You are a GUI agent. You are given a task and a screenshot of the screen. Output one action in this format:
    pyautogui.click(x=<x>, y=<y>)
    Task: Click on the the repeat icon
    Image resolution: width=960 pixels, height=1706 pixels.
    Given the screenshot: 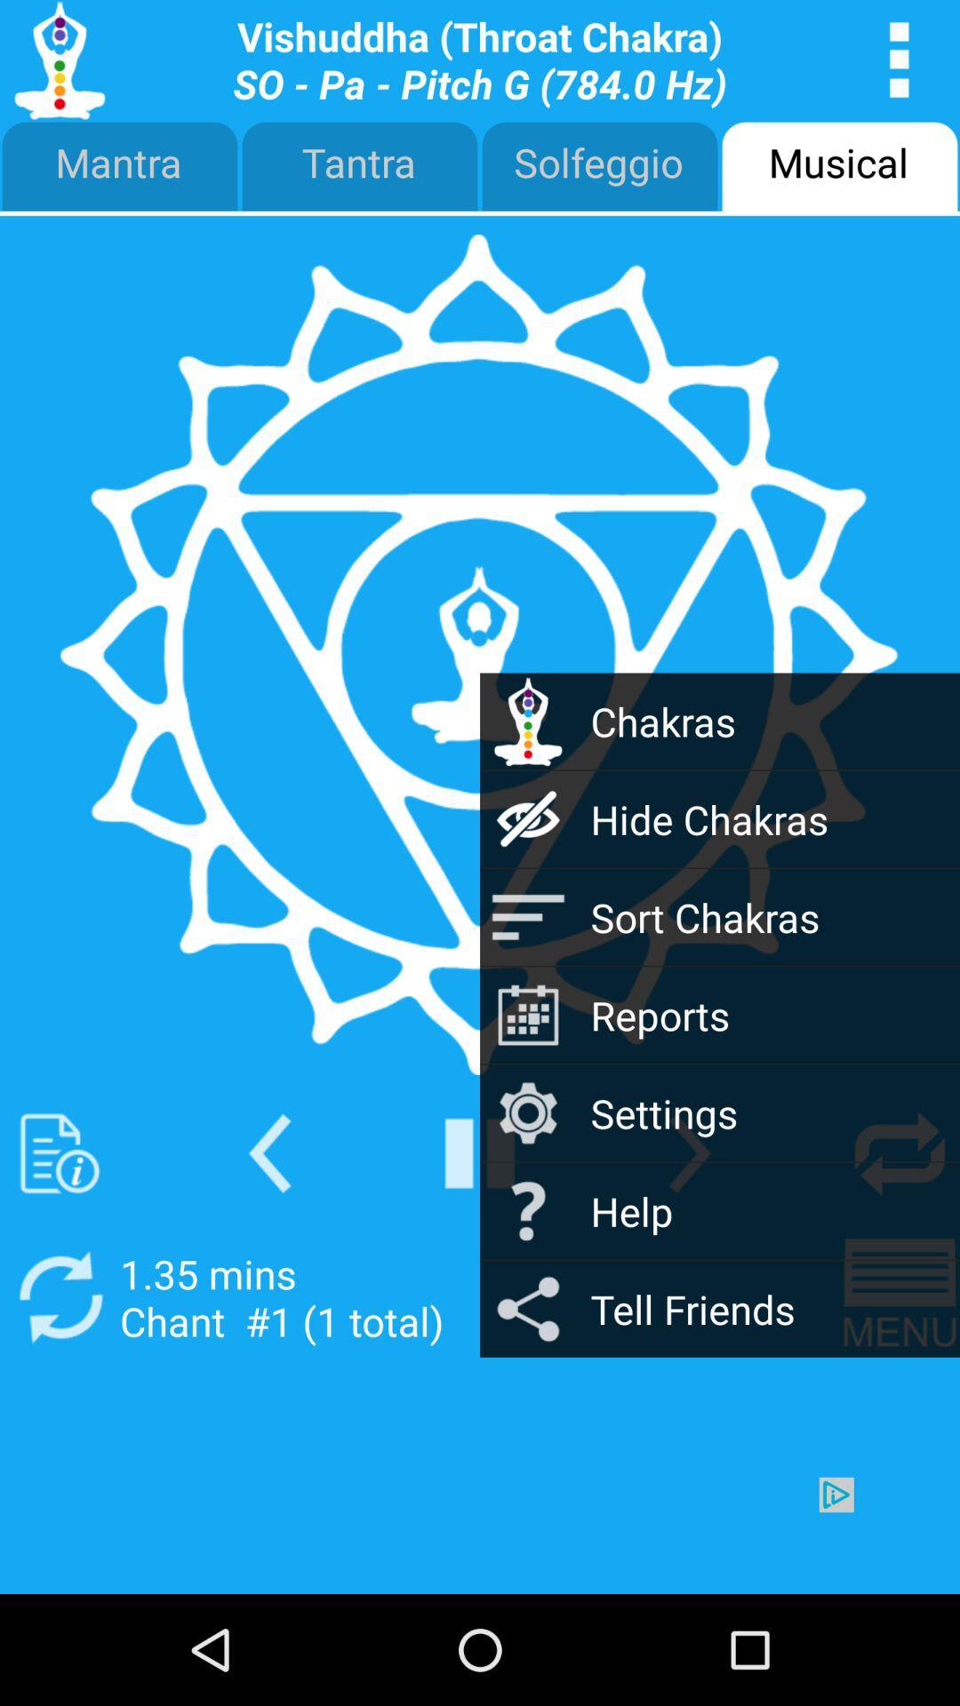 What is the action you would take?
    pyautogui.click(x=900, y=1233)
    